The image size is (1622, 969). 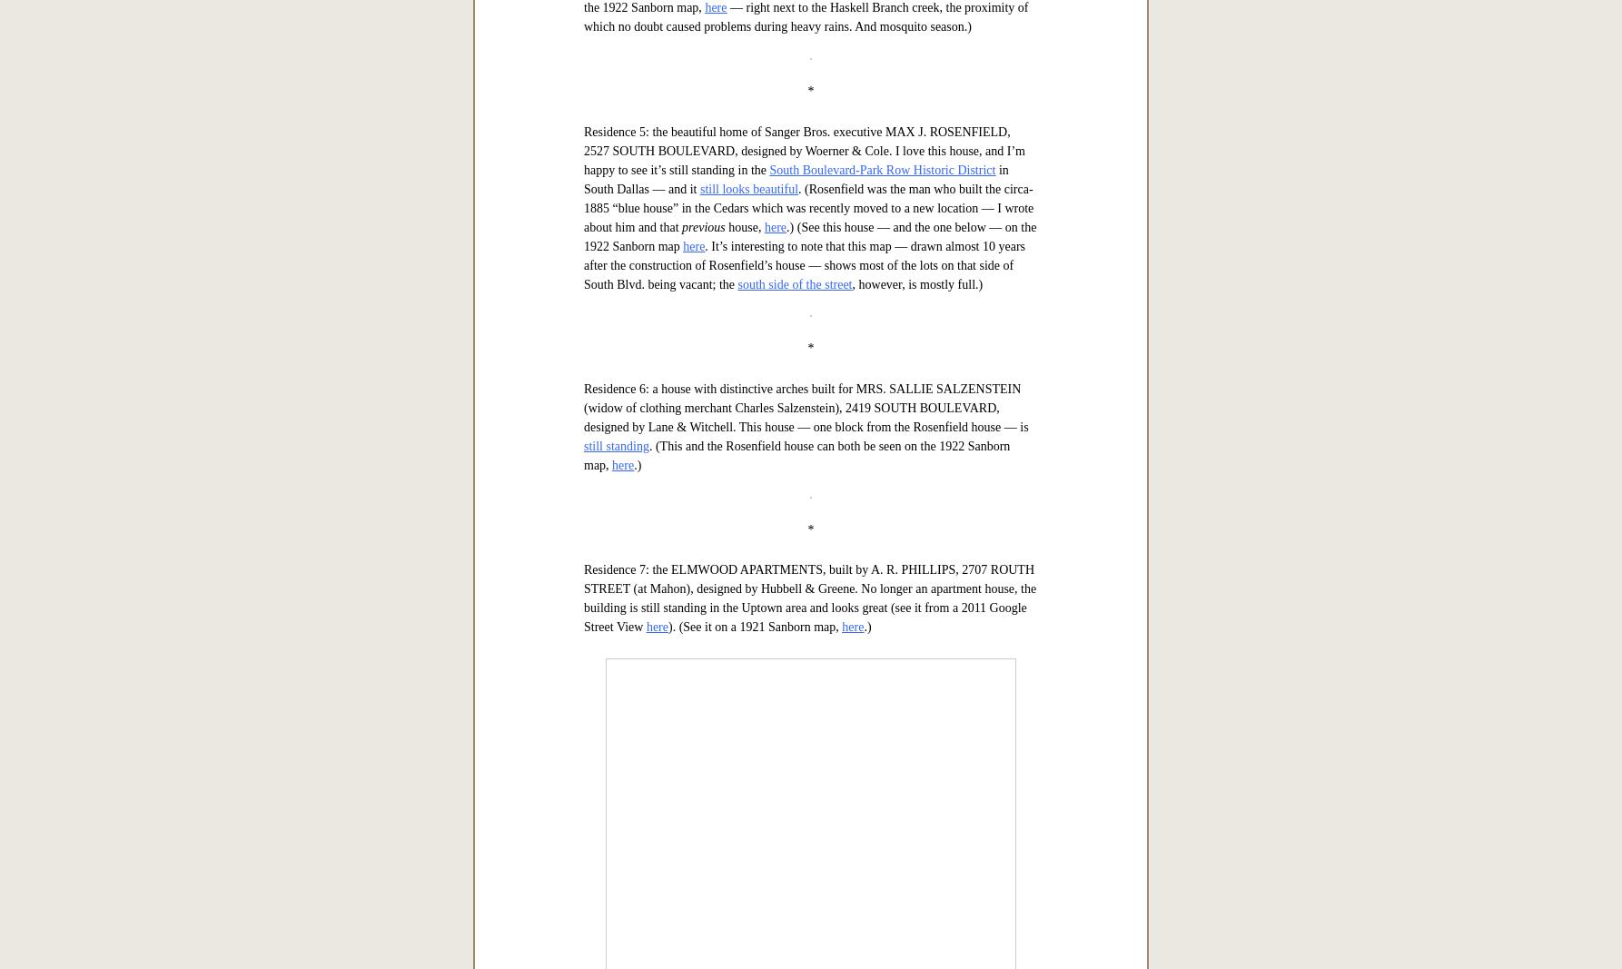 What do you see at coordinates (743, 796) in the screenshot?
I see `'house,'` at bounding box center [743, 796].